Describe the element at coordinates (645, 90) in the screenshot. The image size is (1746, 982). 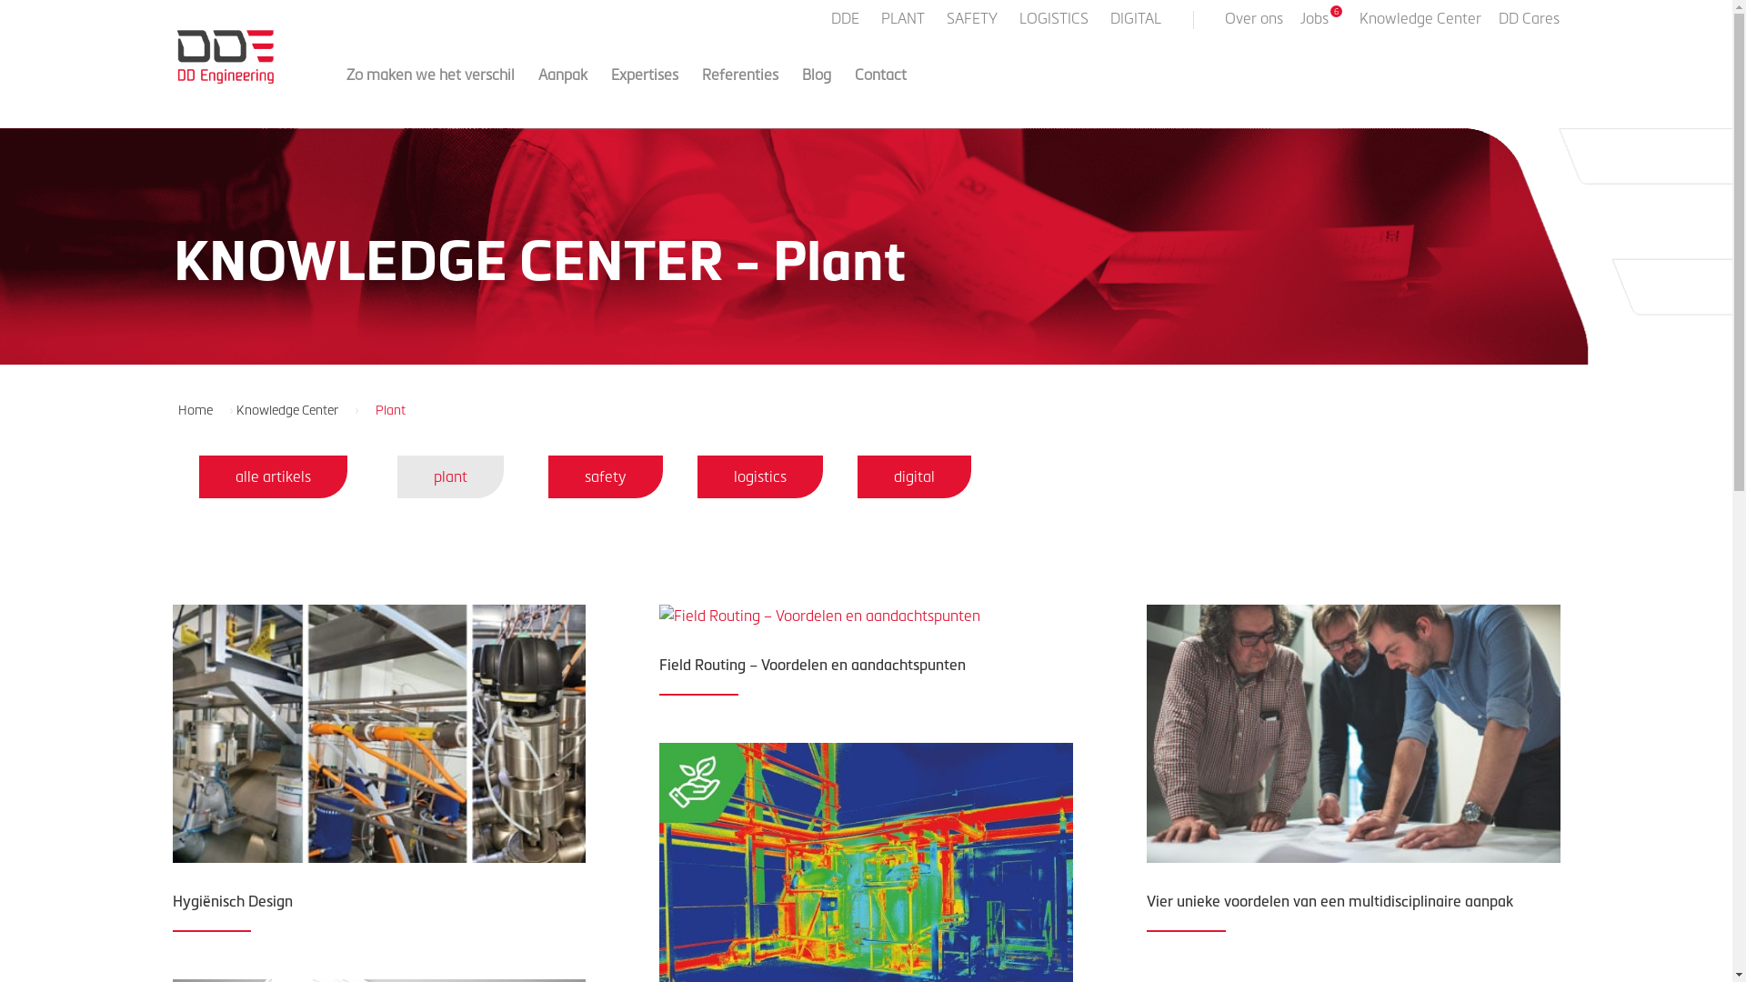
I see `'Expertises'` at that location.